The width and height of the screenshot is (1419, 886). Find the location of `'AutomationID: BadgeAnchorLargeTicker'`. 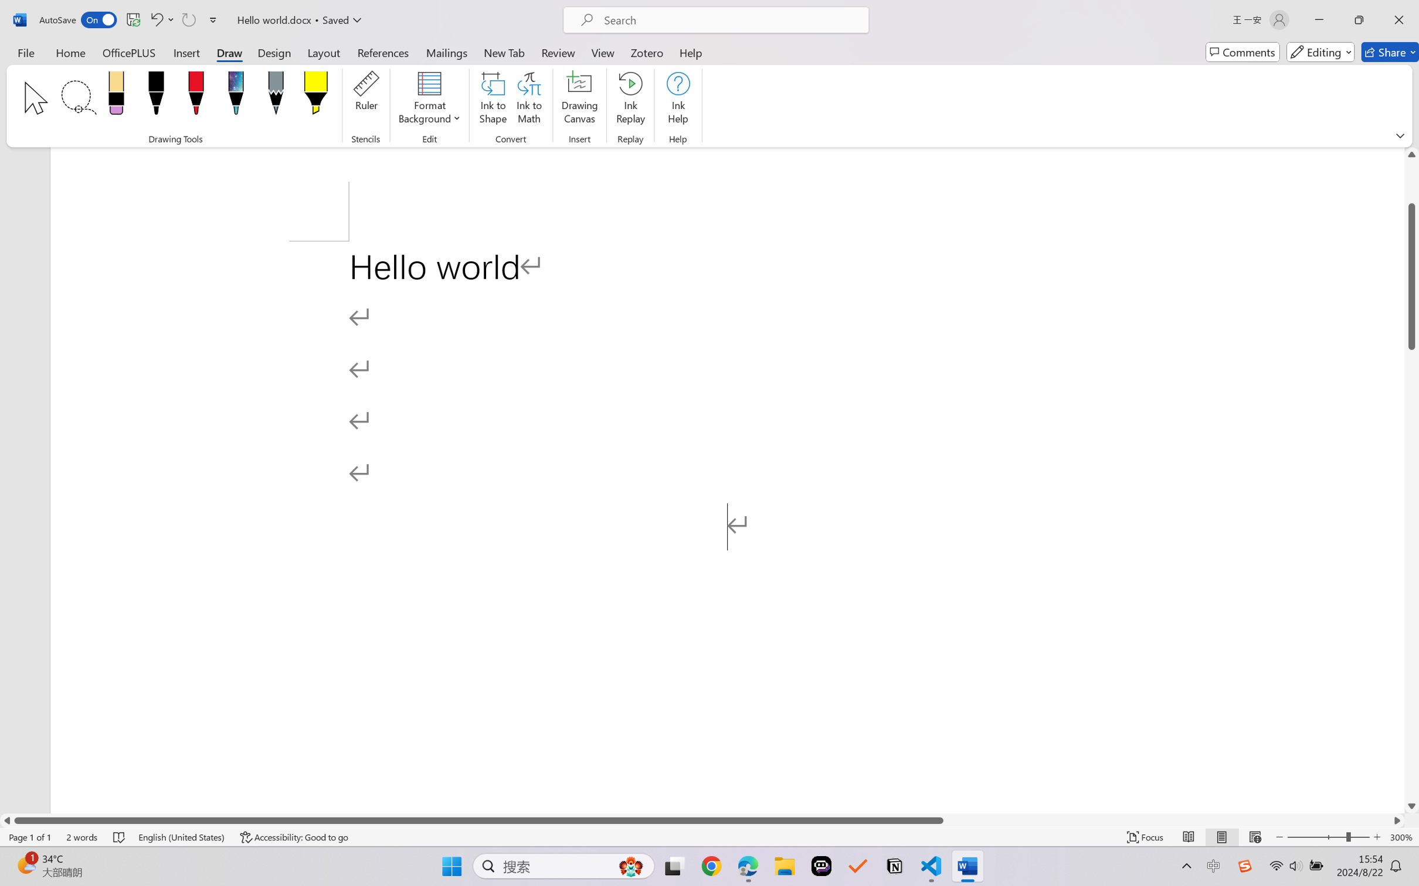

'AutomationID: BadgeAnchorLargeTicker' is located at coordinates (25, 865).